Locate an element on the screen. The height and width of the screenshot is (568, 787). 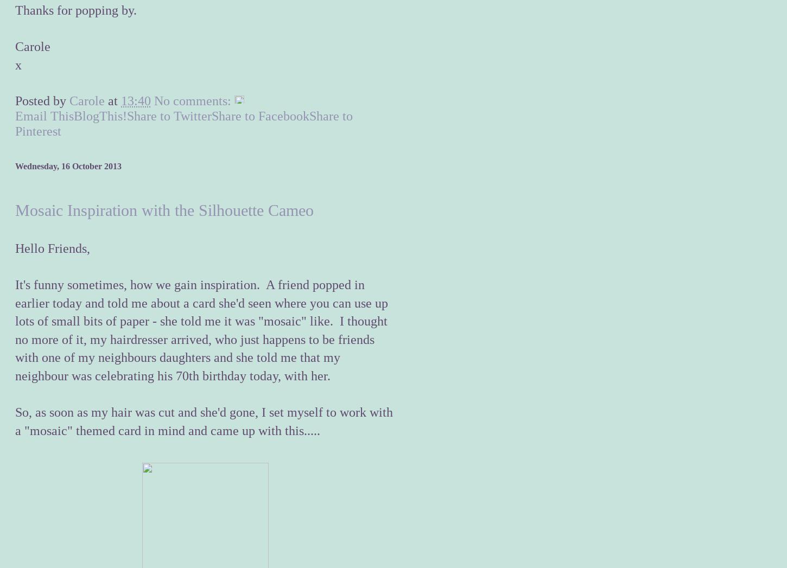
'Wednesday, 16 October 2013' is located at coordinates (68, 165).